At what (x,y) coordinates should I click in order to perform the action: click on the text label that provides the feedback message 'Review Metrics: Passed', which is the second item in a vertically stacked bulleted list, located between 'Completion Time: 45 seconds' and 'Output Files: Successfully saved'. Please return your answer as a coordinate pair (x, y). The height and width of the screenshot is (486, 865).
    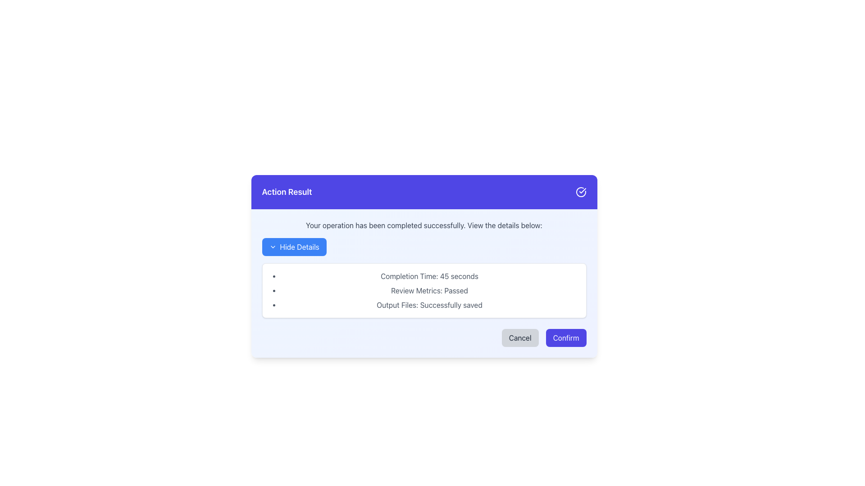
    Looking at the image, I should click on (429, 290).